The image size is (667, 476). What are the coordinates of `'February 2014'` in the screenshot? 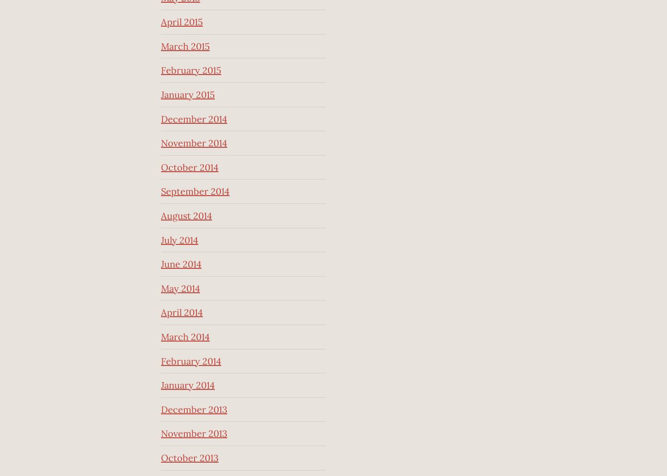 It's located at (190, 360).